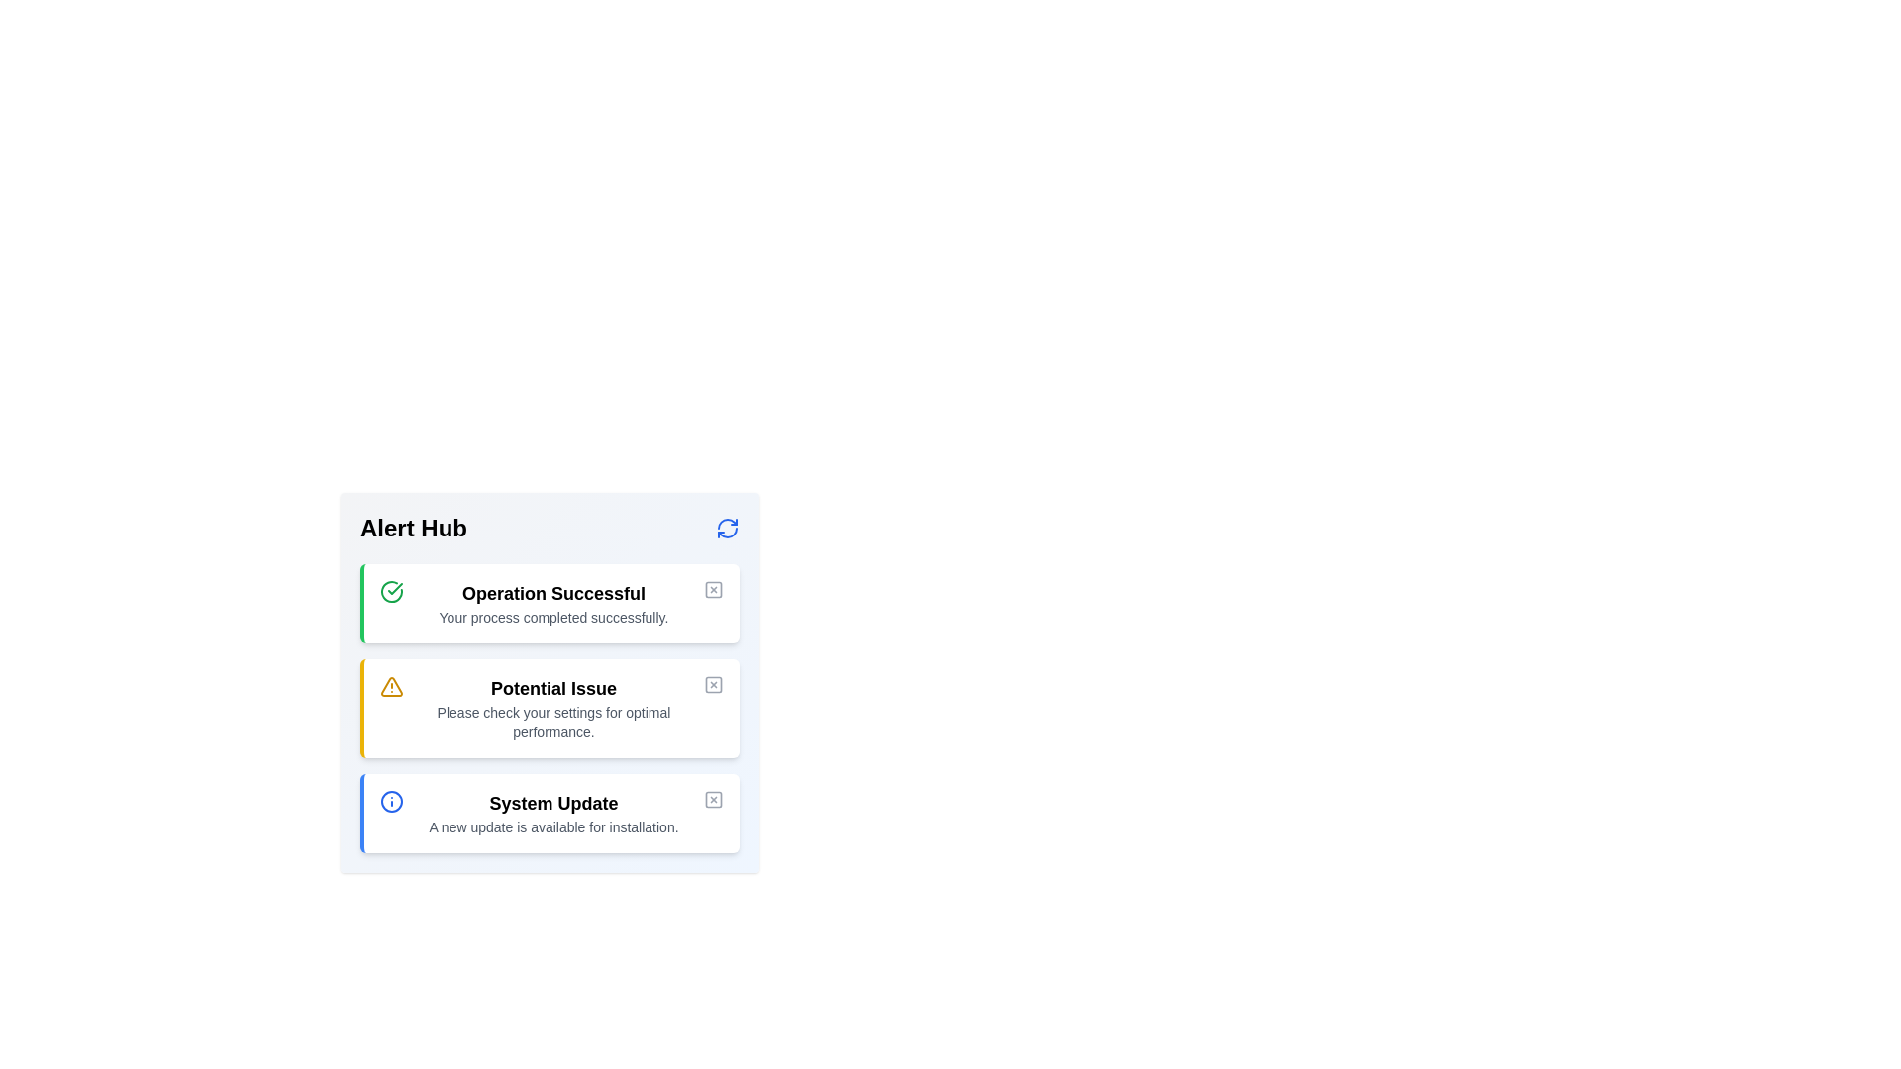 The image size is (1901, 1069). I want to click on the static text providing guidance related to the 'Potential Issue' notification, which is positioned directly below the title within the notification card, so click(553, 722).